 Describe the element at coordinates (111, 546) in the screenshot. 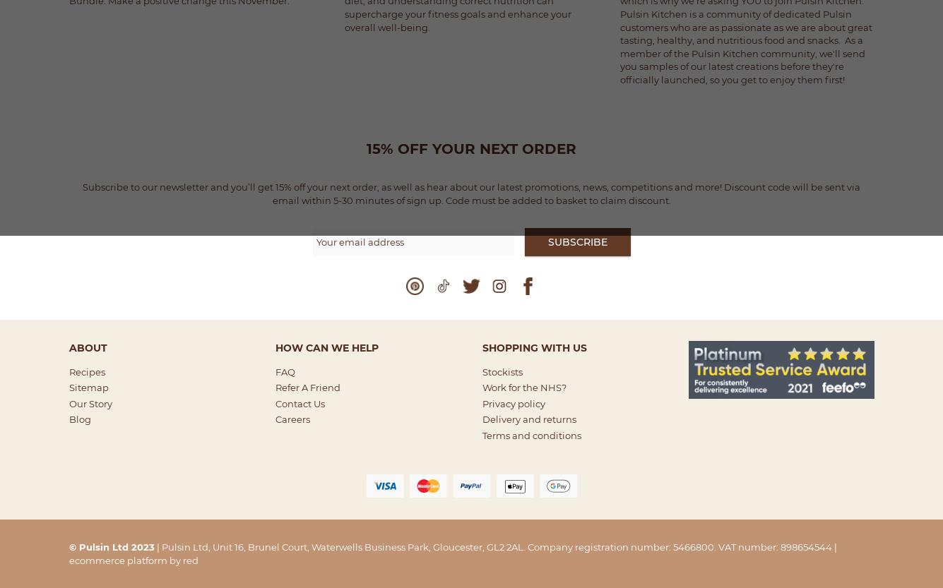

I see `'© Pulsin Ltd 2023'` at that location.